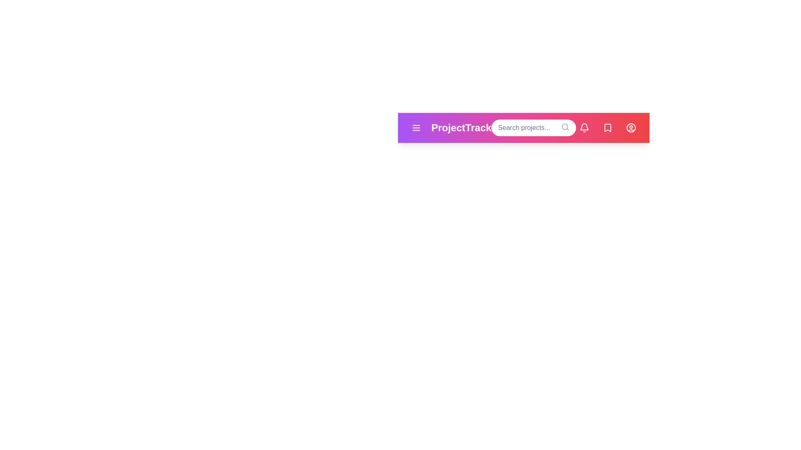 The height and width of the screenshot is (450, 801). I want to click on the search icon to initiate a search, so click(565, 127).